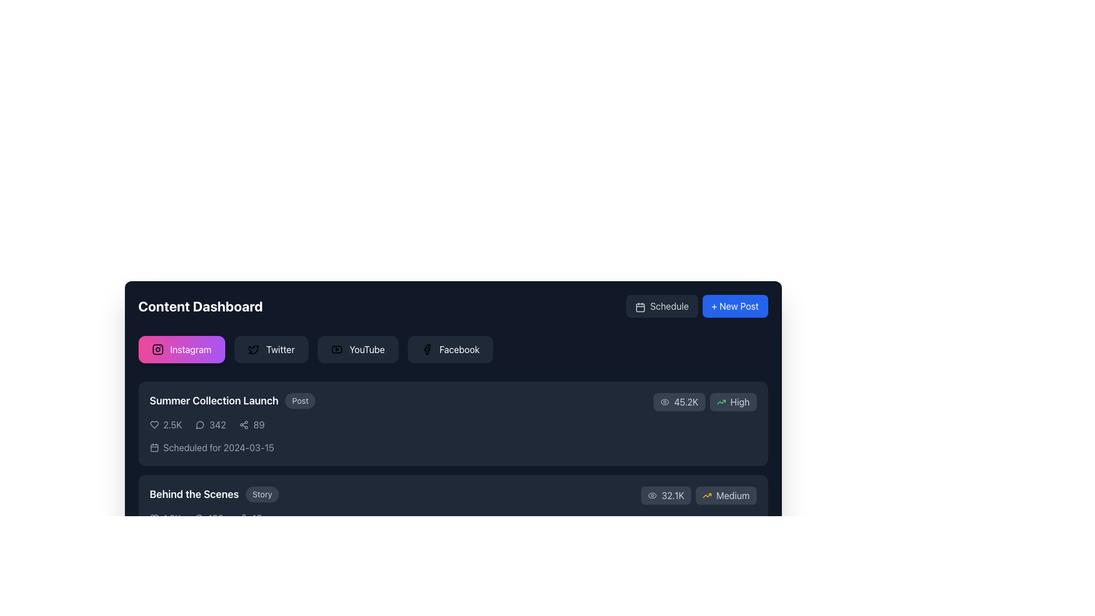  What do you see at coordinates (336, 349) in the screenshot?
I see `the button surrounding the YouTube icon, which is located to the left of the text 'YouTube' in the navigation bar` at bounding box center [336, 349].